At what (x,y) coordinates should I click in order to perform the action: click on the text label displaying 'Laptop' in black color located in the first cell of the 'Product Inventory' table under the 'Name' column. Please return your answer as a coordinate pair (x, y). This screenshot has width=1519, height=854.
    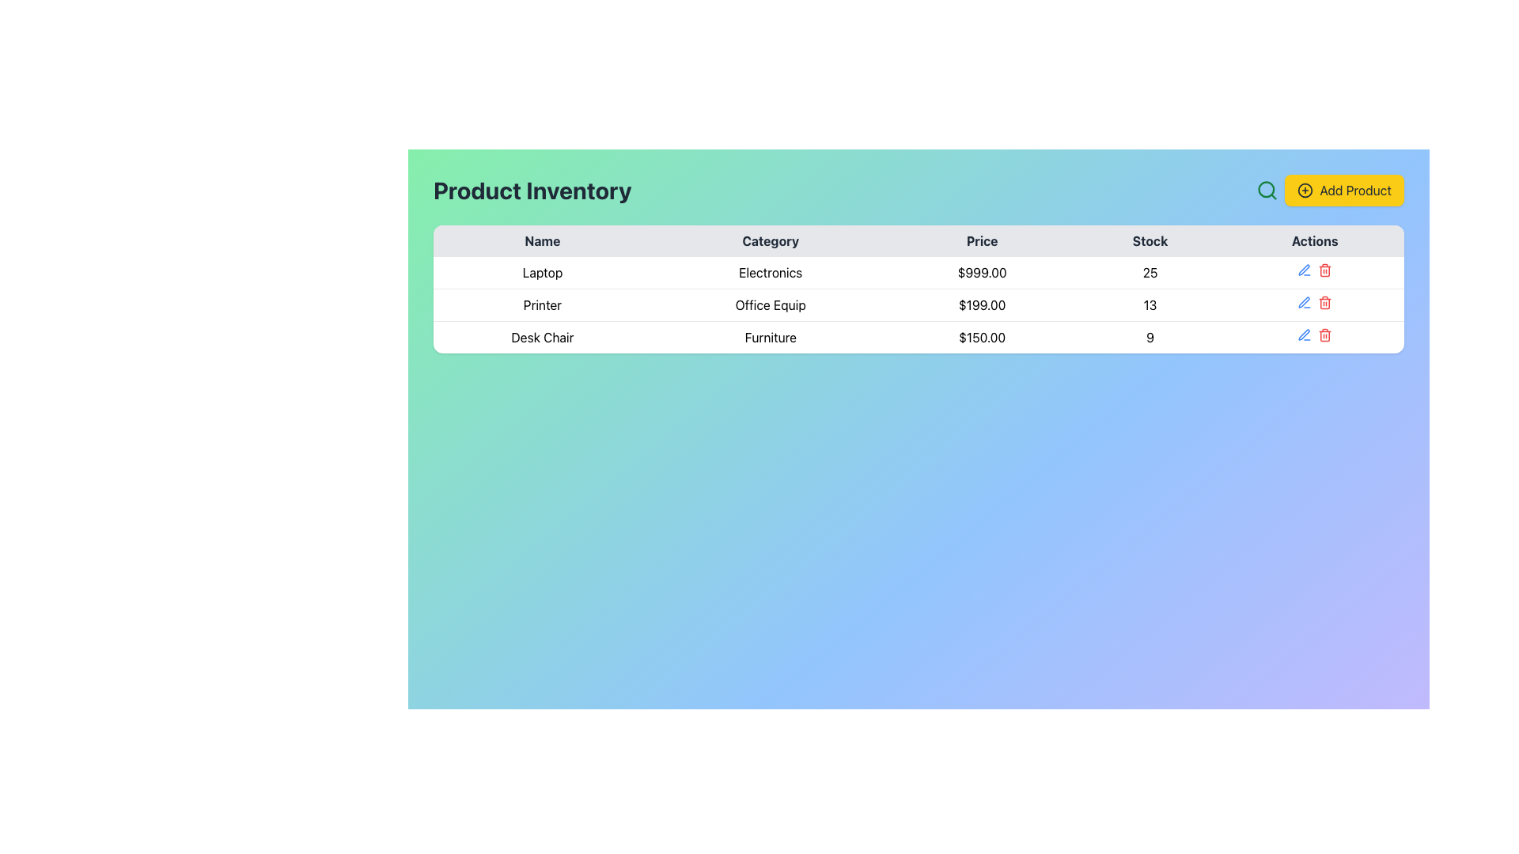
    Looking at the image, I should click on (542, 272).